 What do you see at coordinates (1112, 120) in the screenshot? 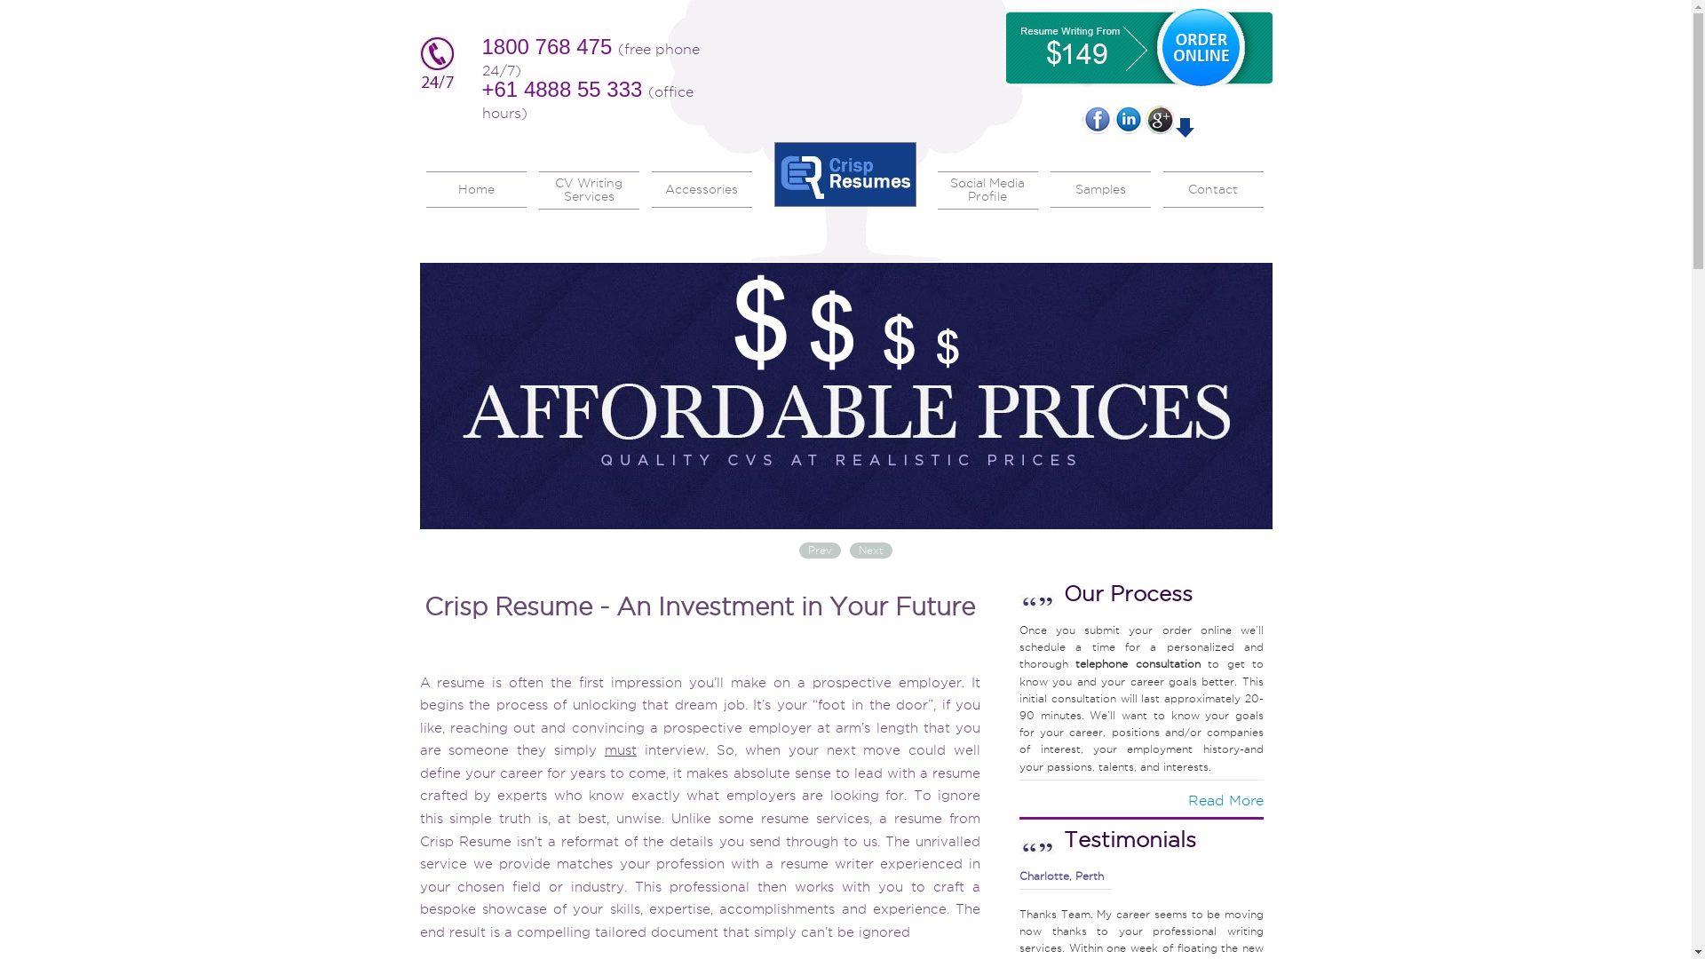
I see `'Linked in'` at bounding box center [1112, 120].